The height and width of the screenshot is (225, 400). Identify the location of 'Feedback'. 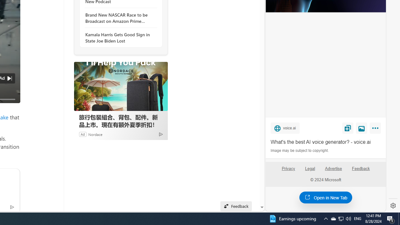
(361, 171).